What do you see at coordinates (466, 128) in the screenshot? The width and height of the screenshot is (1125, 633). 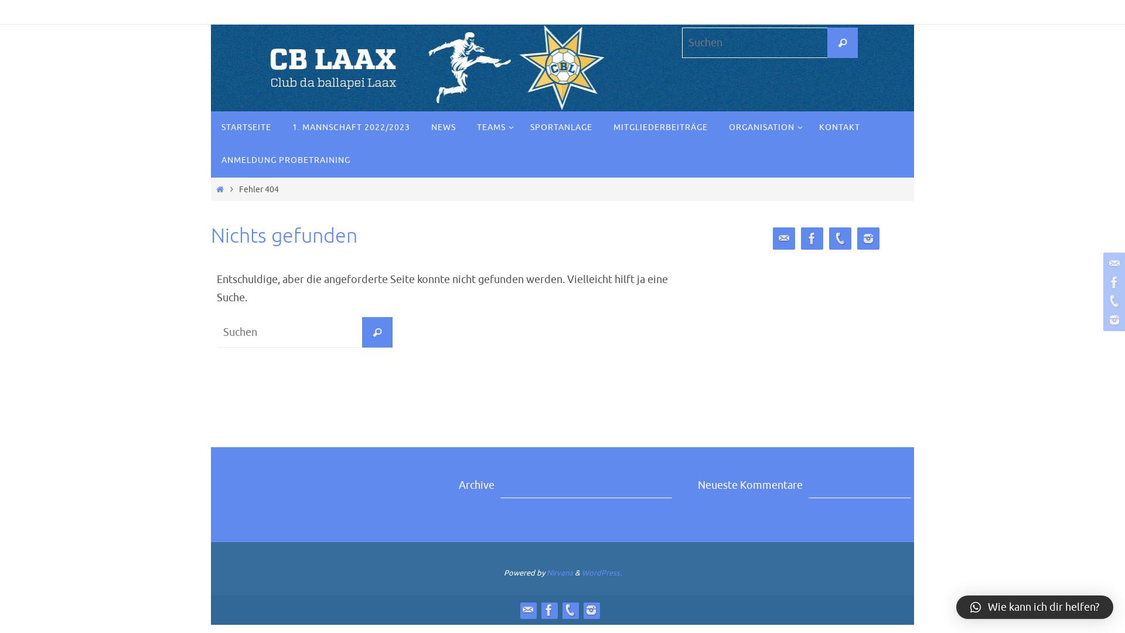 I see `'TEAMS'` at bounding box center [466, 128].